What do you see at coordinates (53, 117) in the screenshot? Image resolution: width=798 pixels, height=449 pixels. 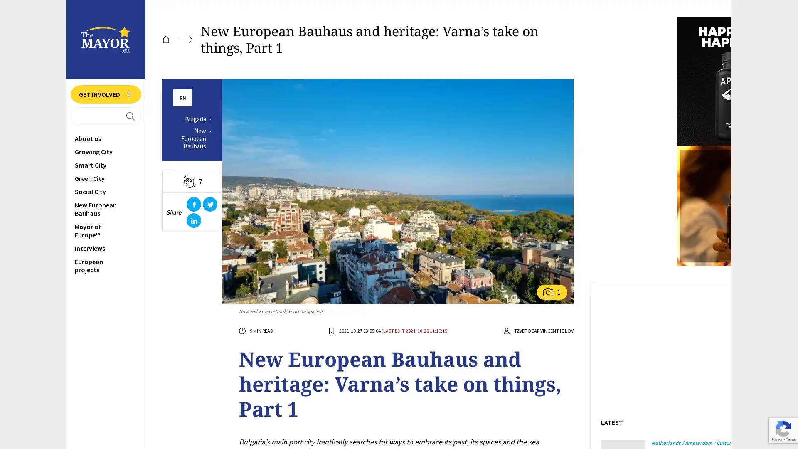 I see `MENU SEARCH SUBMIT` at bounding box center [53, 117].